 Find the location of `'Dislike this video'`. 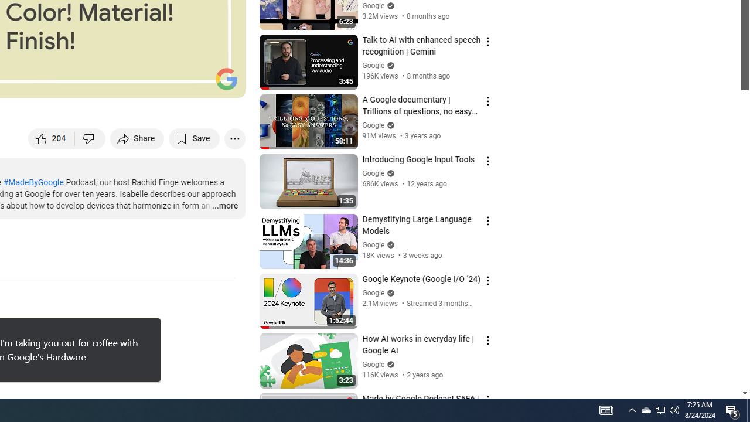

'Dislike this video' is located at coordinates (90, 138).